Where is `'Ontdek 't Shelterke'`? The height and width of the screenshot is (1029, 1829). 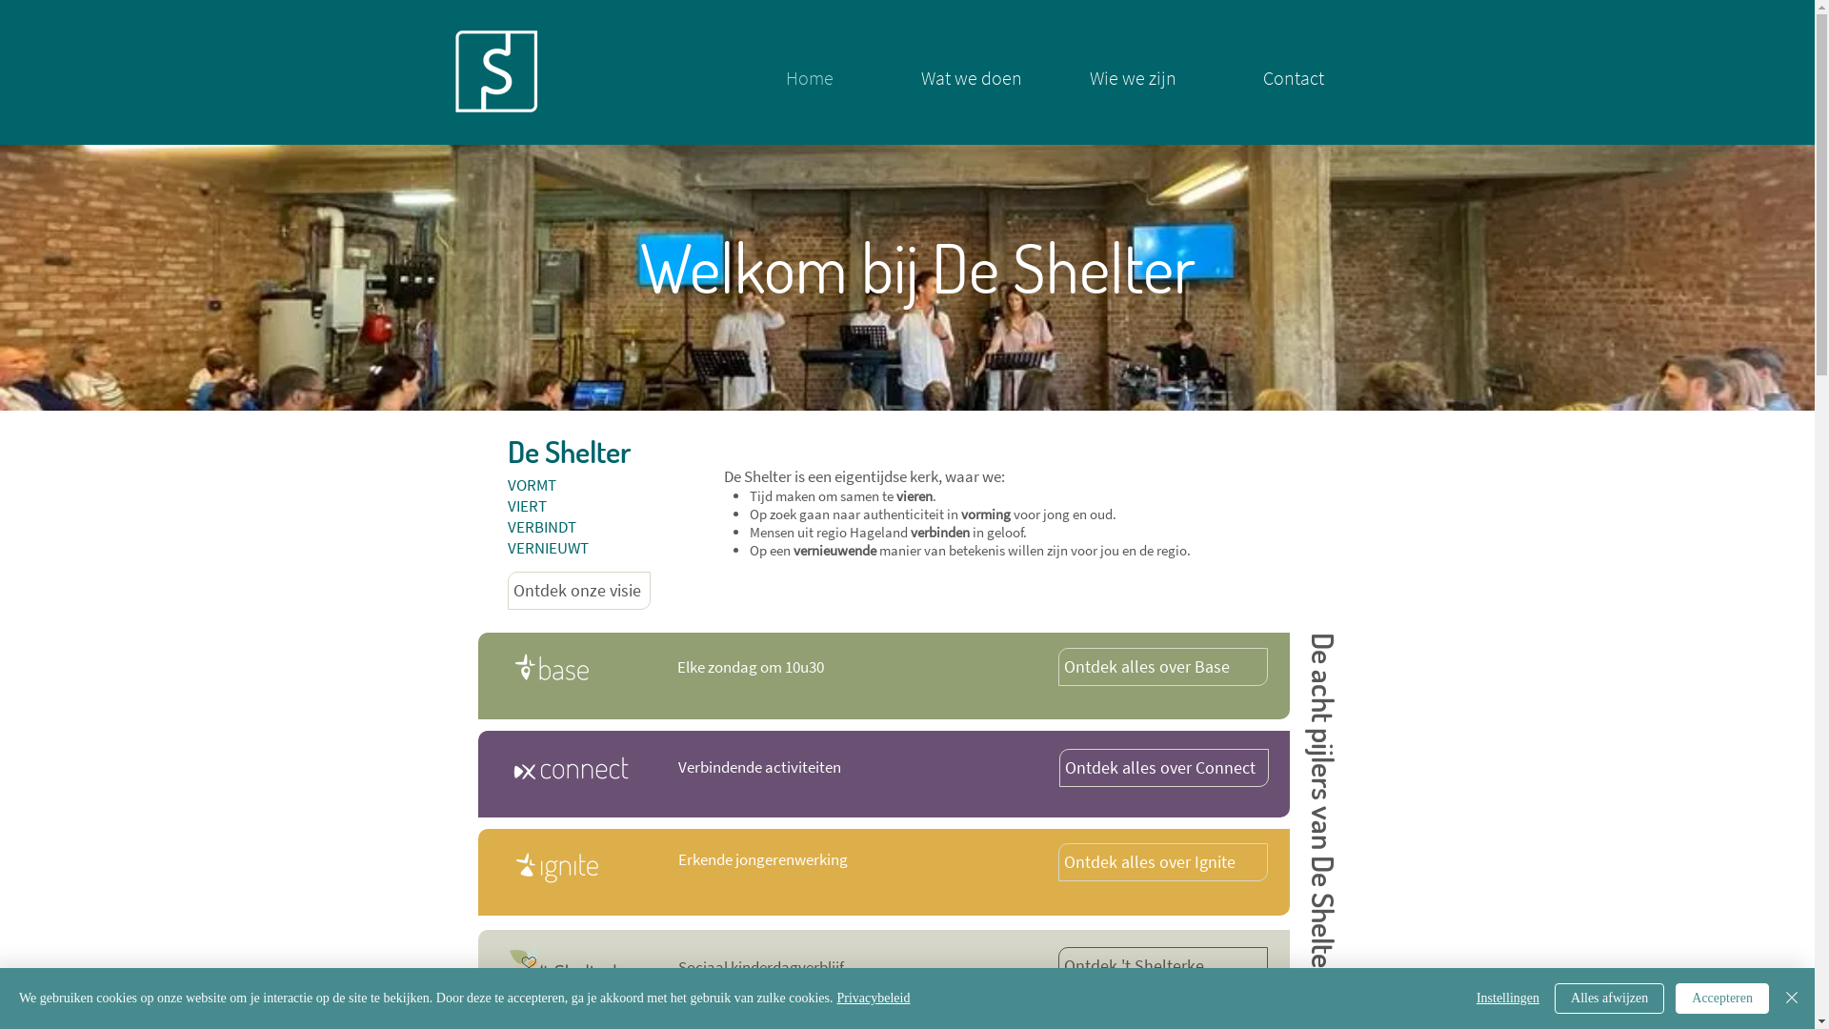 'Ontdek 't Shelterke' is located at coordinates (1160, 966).